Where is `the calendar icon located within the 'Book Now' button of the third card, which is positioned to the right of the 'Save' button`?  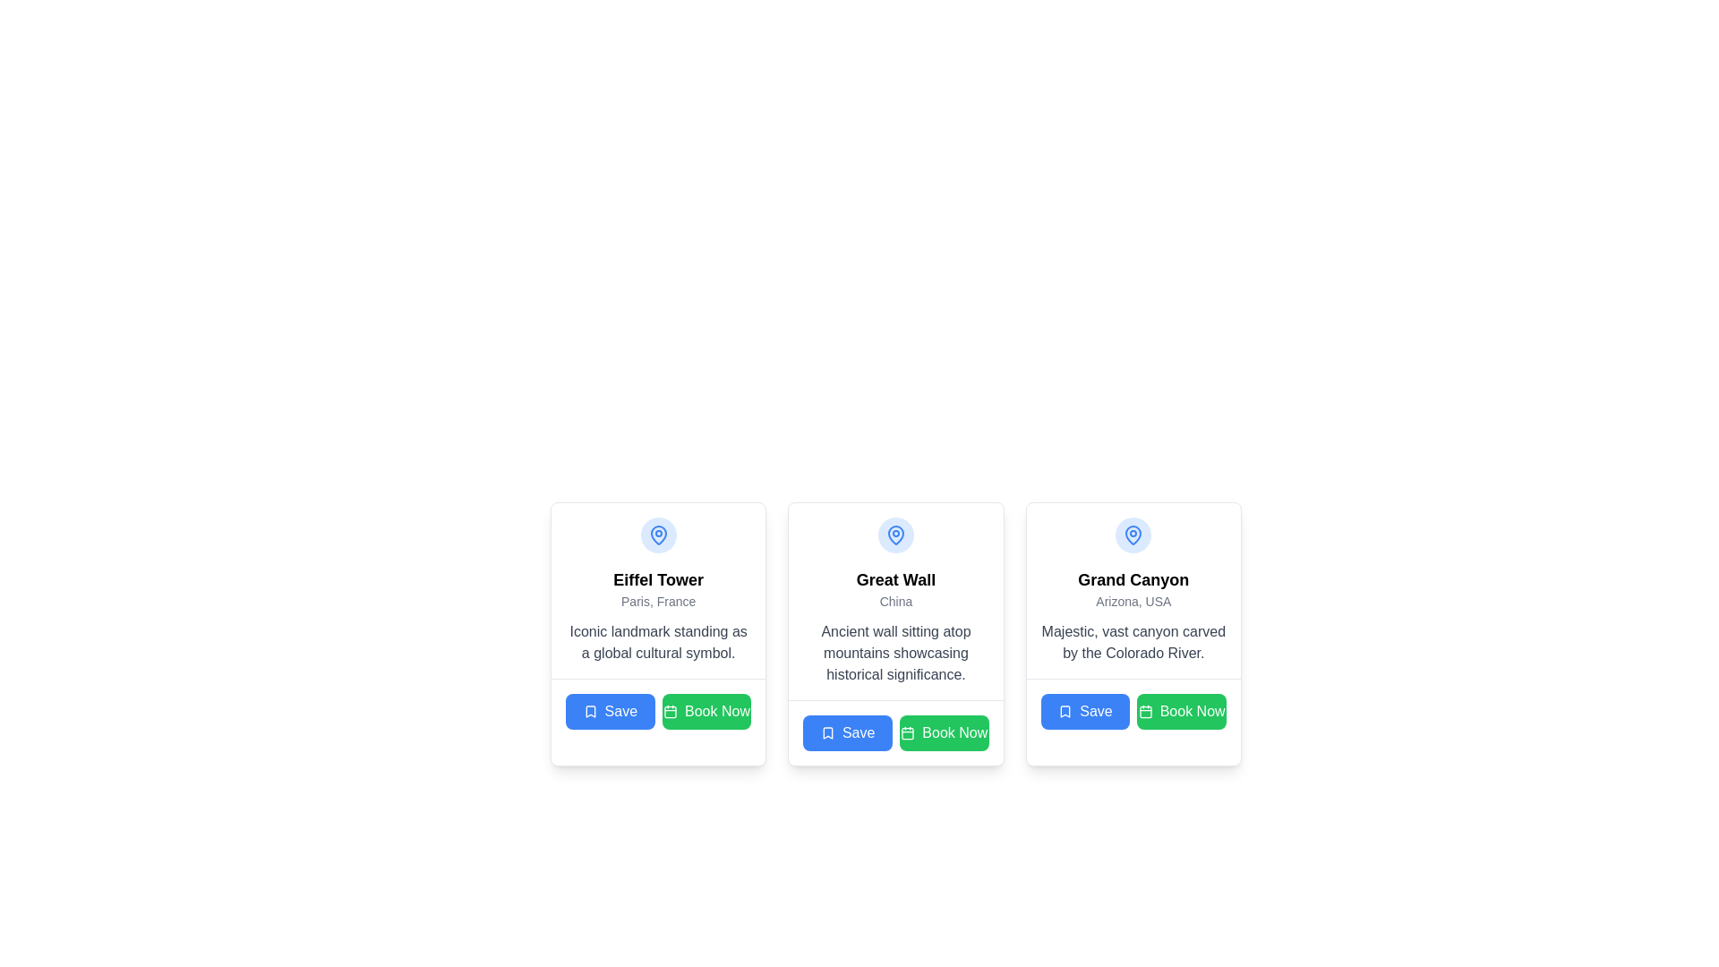
the calendar icon located within the 'Book Now' button of the third card, which is positioned to the right of the 'Save' button is located at coordinates (1144, 710).